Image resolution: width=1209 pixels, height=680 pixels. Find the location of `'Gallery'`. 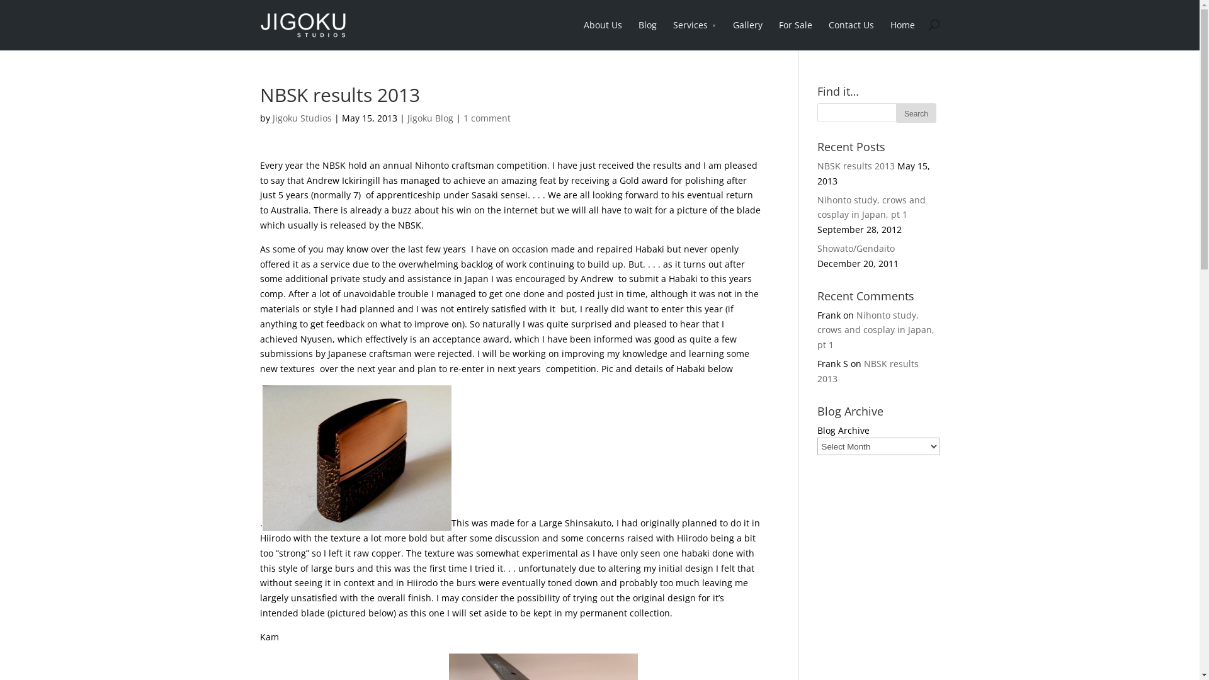

'Gallery' is located at coordinates (747, 33).